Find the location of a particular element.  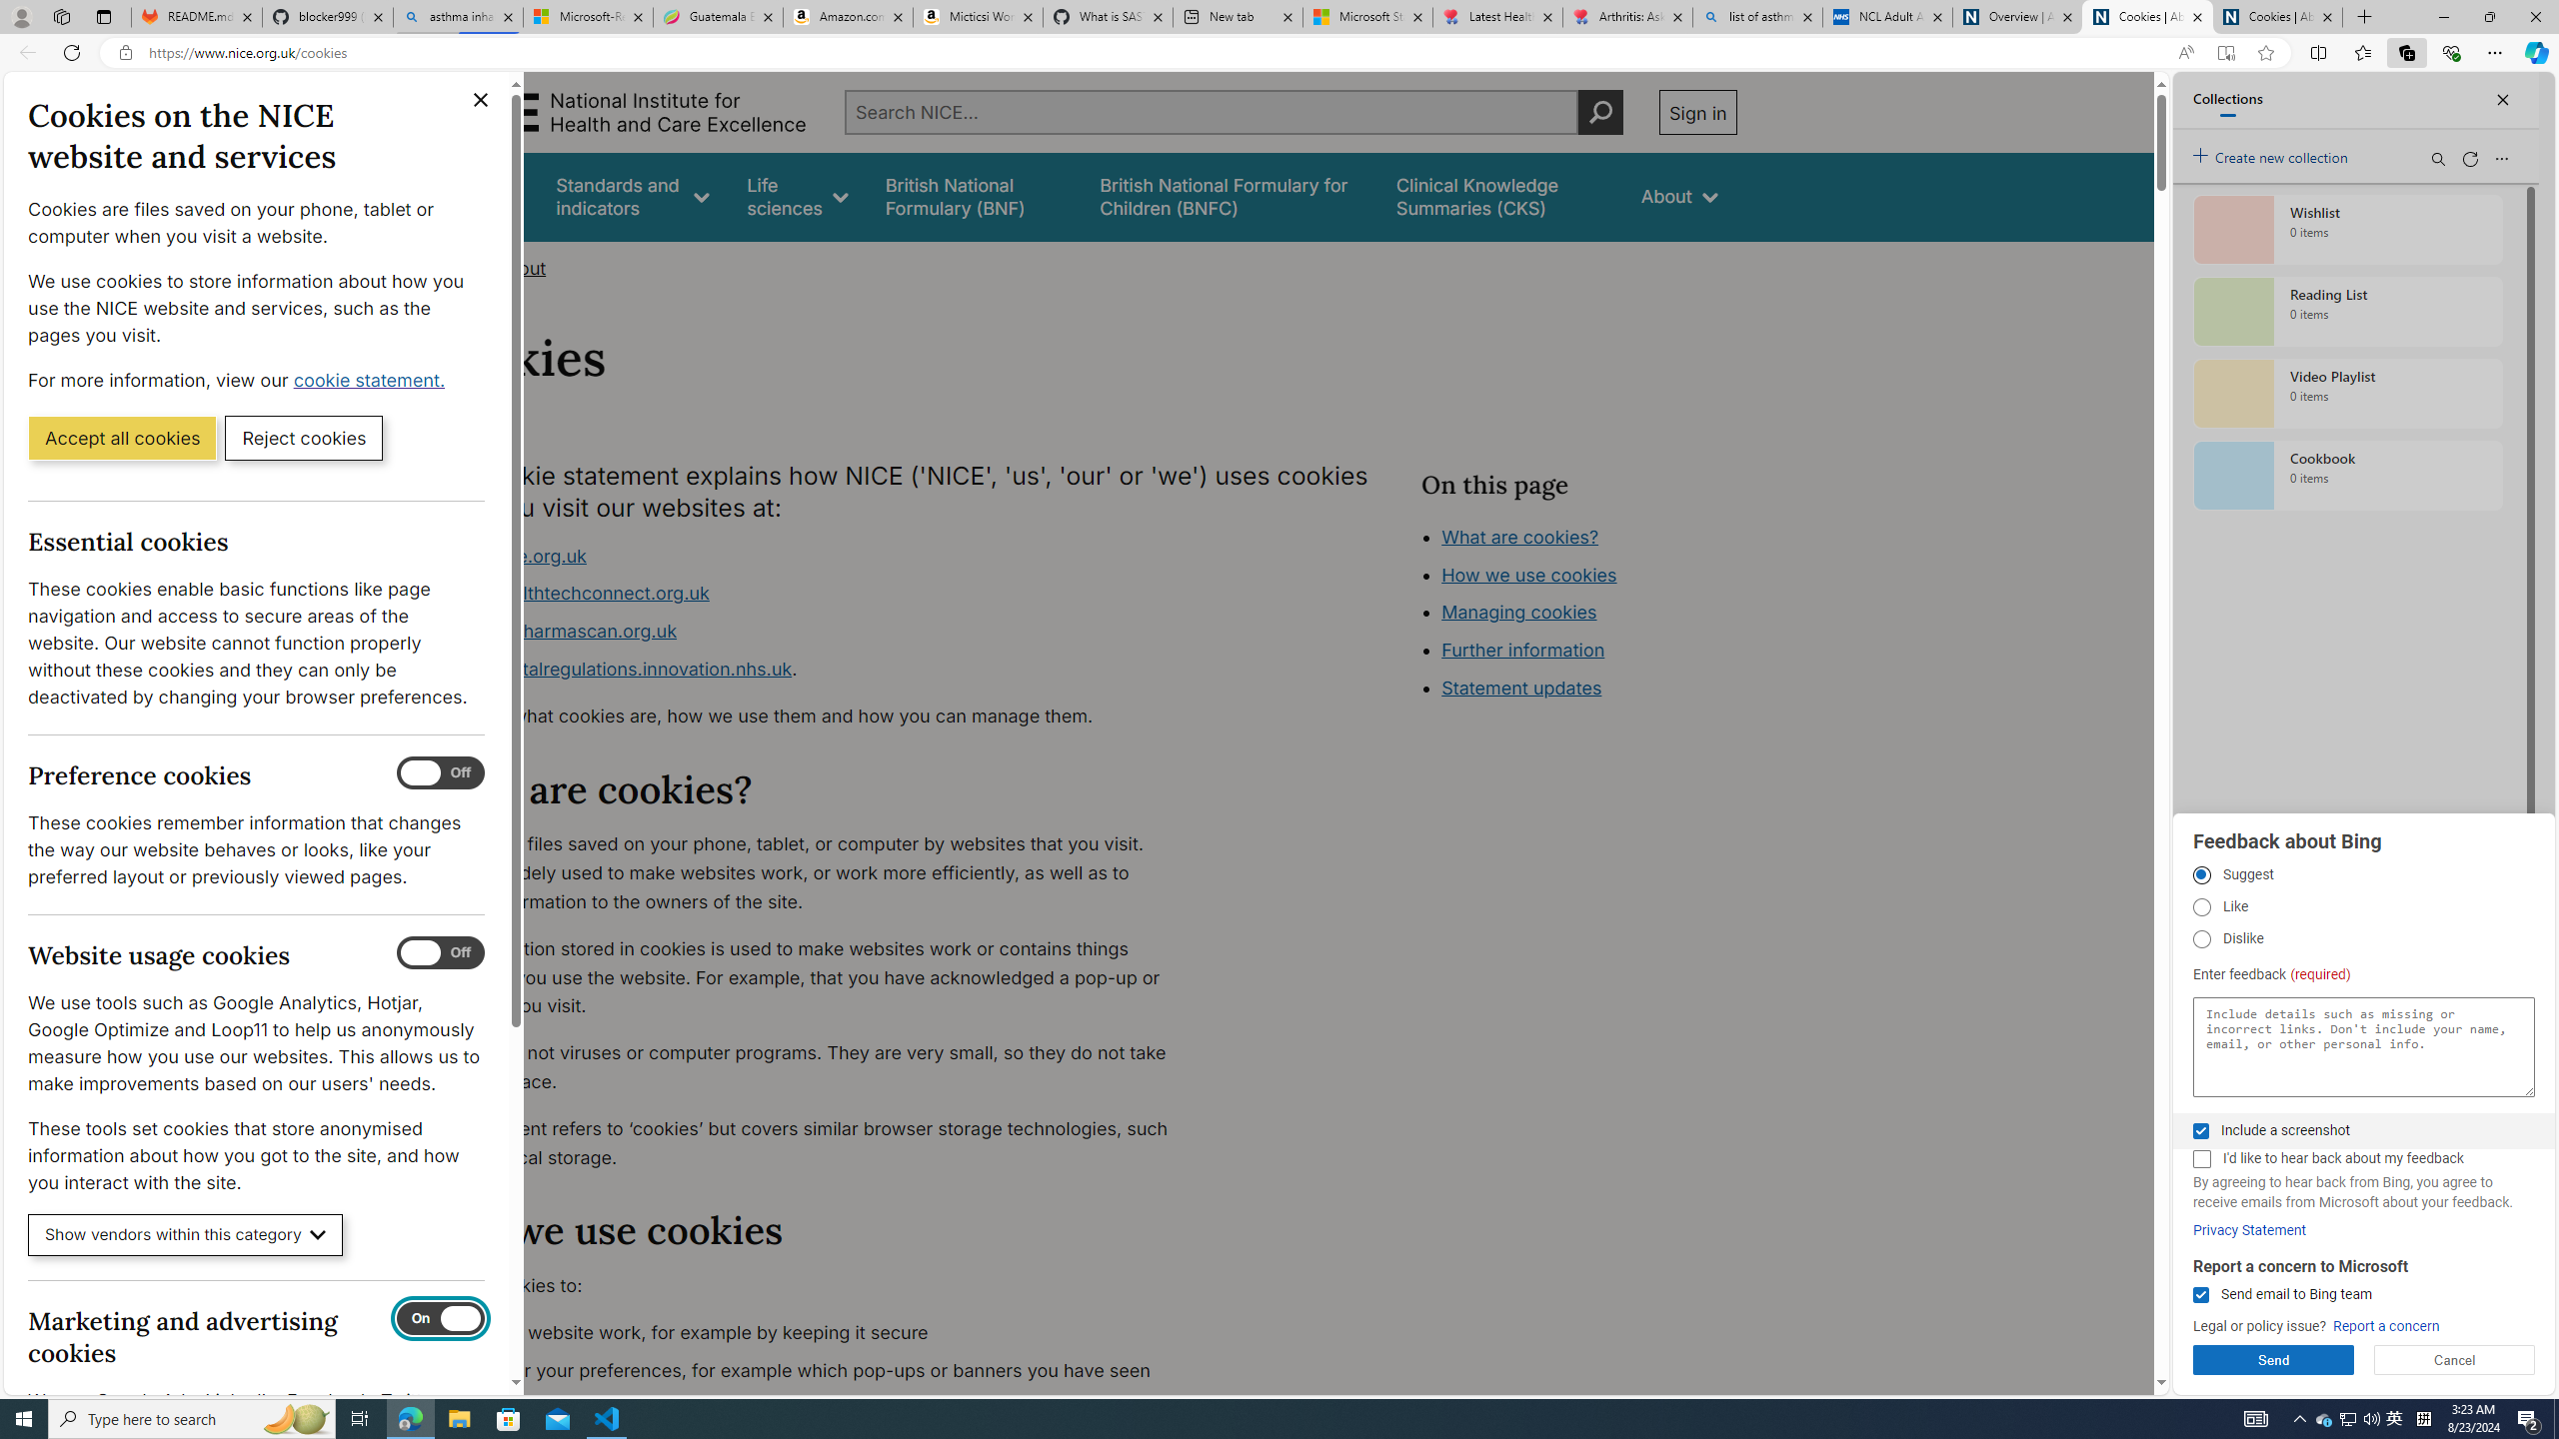

'Website usage cookies' is located at coordinates (440, 952).